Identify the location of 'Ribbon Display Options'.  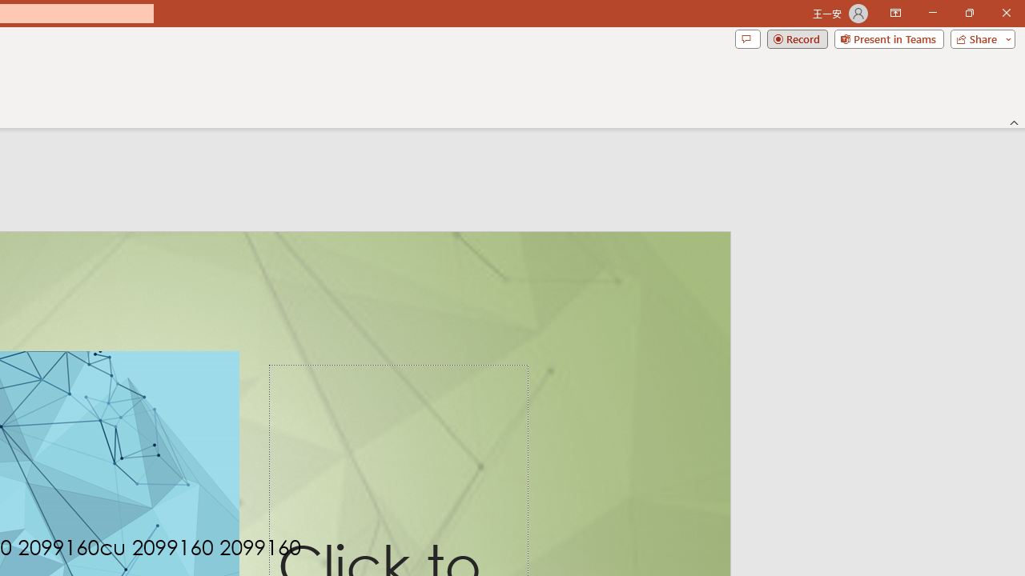
(894, 13).